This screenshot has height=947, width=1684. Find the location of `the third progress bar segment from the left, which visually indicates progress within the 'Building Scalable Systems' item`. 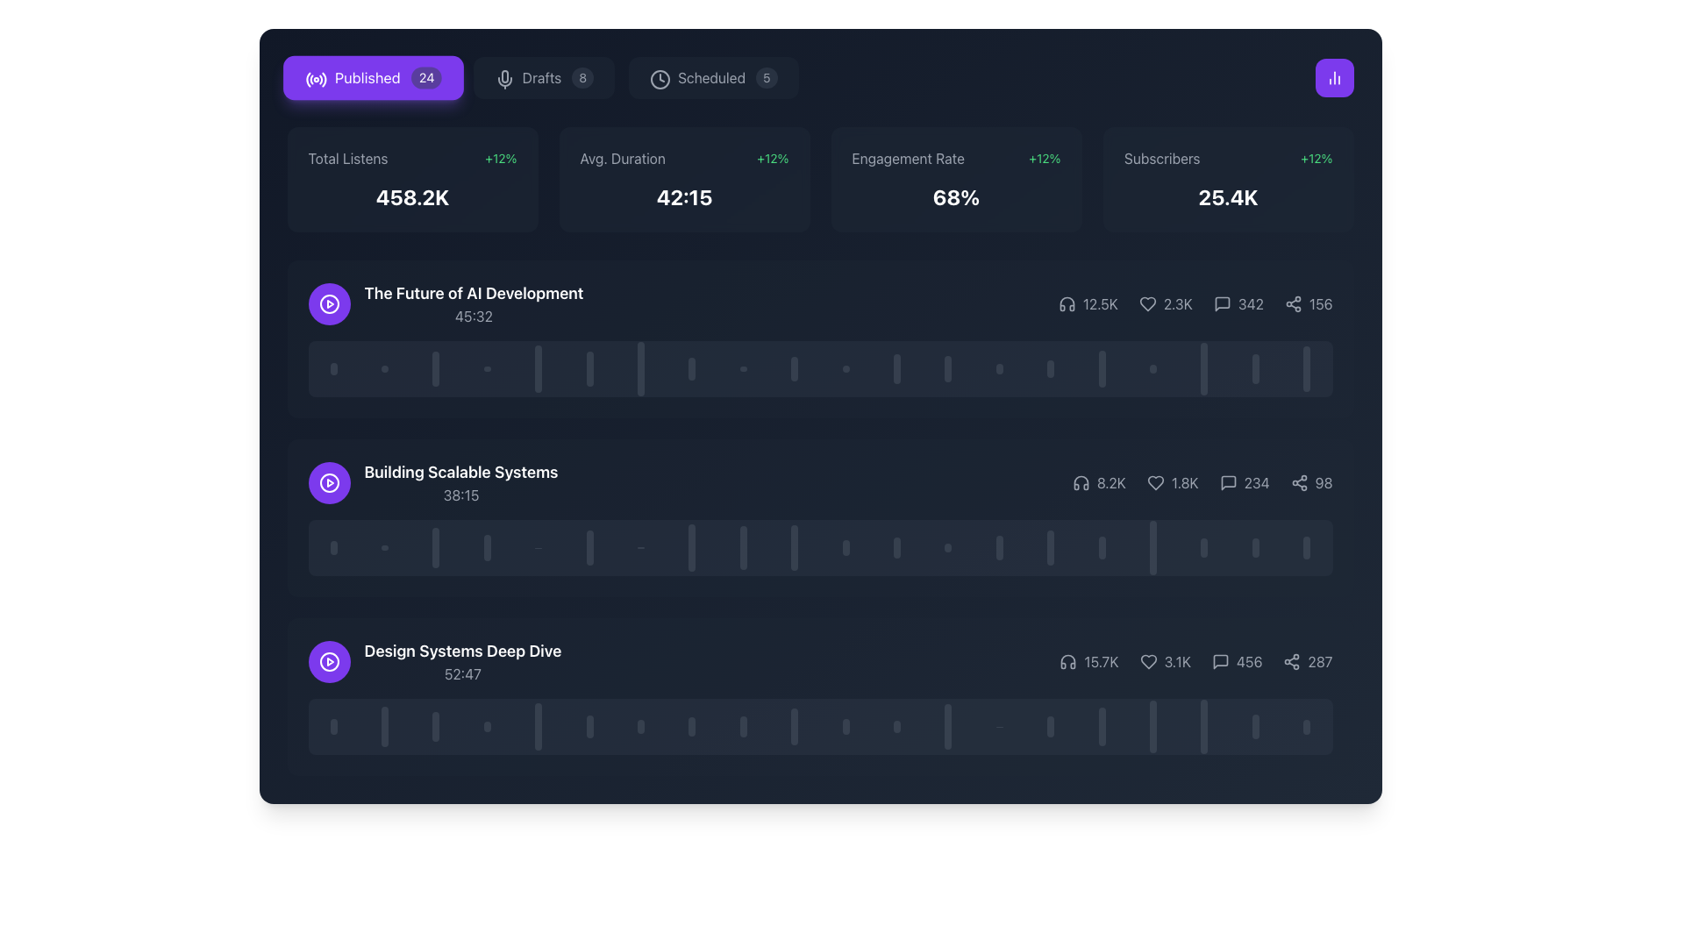

the third progress bar segment from the left, which visually indicates progress within the 'Building Scalable Systems' item is located at coordinates (436, 546).